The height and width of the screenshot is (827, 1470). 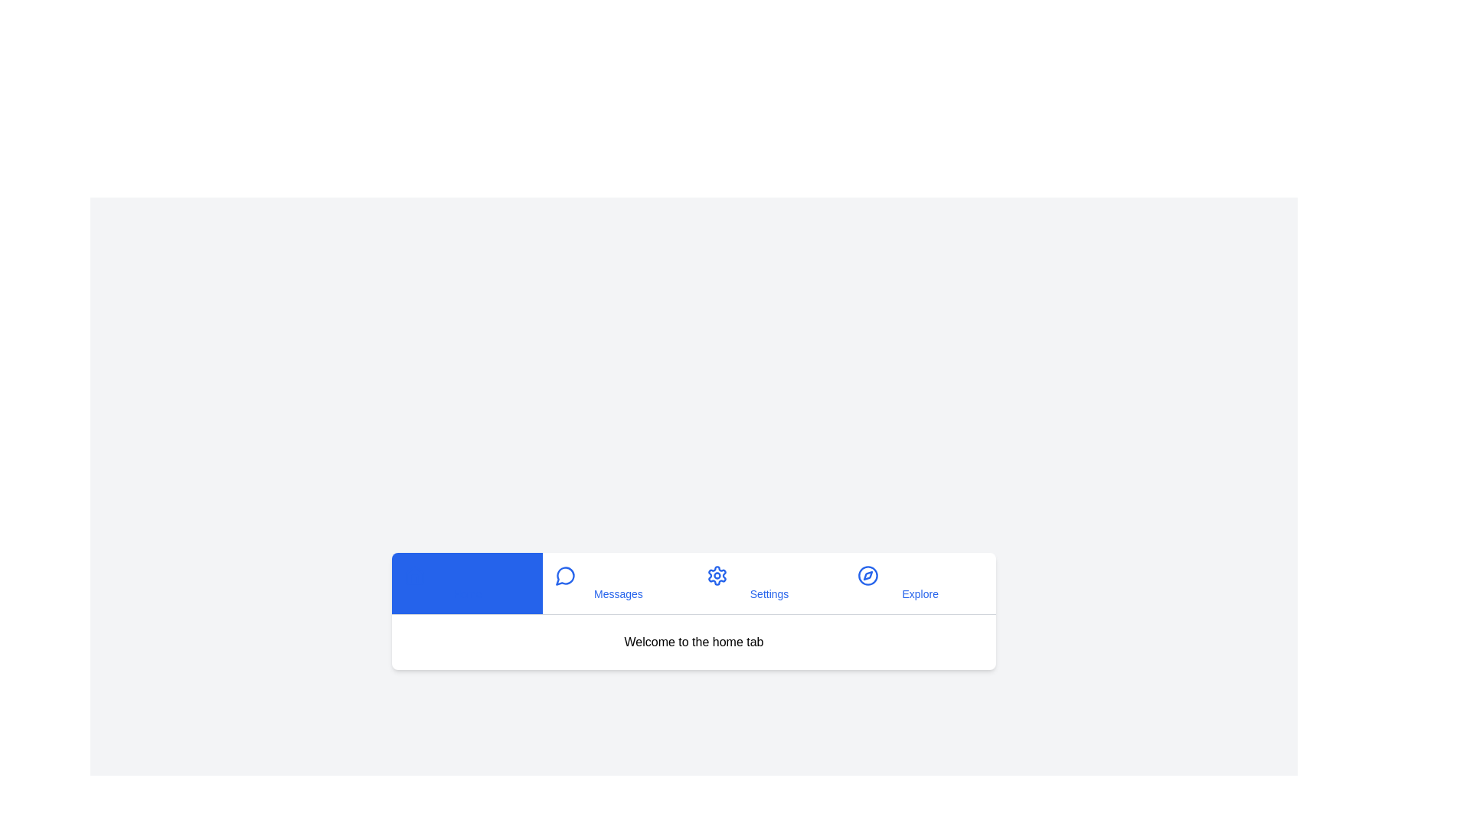 What do you see at coordinates (920, 583) in the screenshot?
I see `the tab button labeled 'Explore' to see its hover effect` at bounding box center [920, 583].